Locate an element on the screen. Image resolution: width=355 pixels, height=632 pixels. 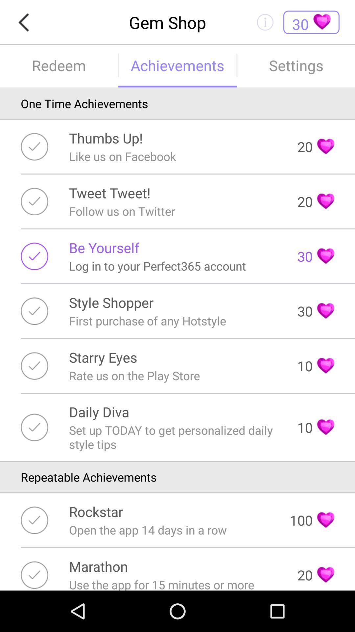
the redeem icon is located at coordinates (59, 65).